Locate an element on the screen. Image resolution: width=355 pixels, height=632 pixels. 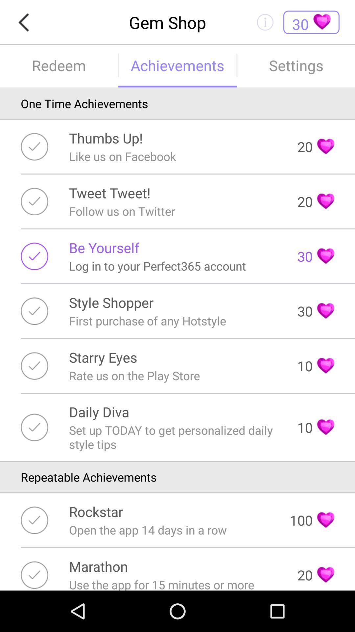
the redeem icon is located at coordinates (59, 65).